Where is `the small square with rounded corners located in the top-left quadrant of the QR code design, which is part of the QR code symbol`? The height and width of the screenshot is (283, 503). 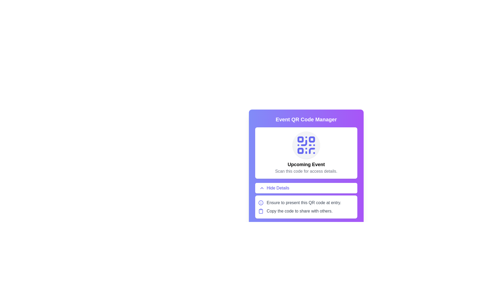
the small square with rounded corners located in the top-left quadrant of the QR code design, which is part of the QR code symbol is located at coordinates (300, 139).